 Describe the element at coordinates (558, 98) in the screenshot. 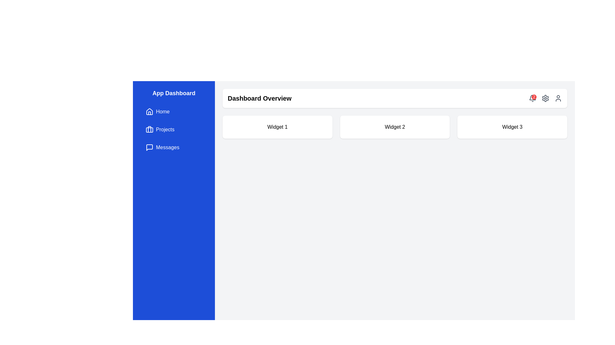

I see `the user icon button in the header section, which is a circular icon with a gray outline and a user silhouette, located to the right of the gear-shaped settings icon` at that location.